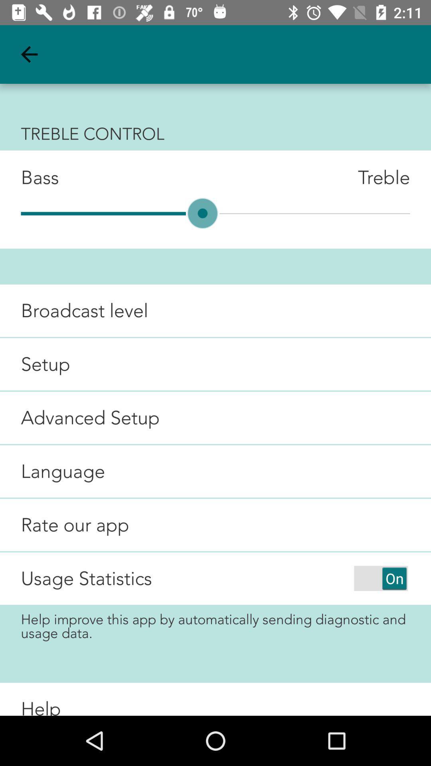  What do you see at coordinates (80, 417) in the screenshot?
I see `advanced setup` at bounding box center [80, 417].